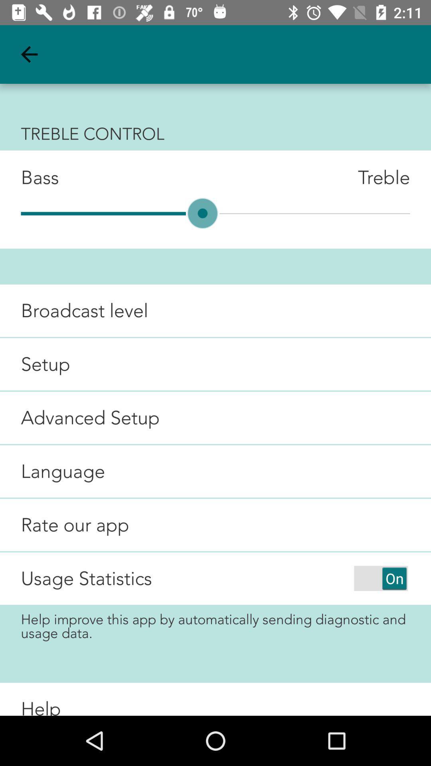  What do you see at coordinates (80, 417) in the screenshot?
I see `advanced setup` at bounding box center [80, 417].